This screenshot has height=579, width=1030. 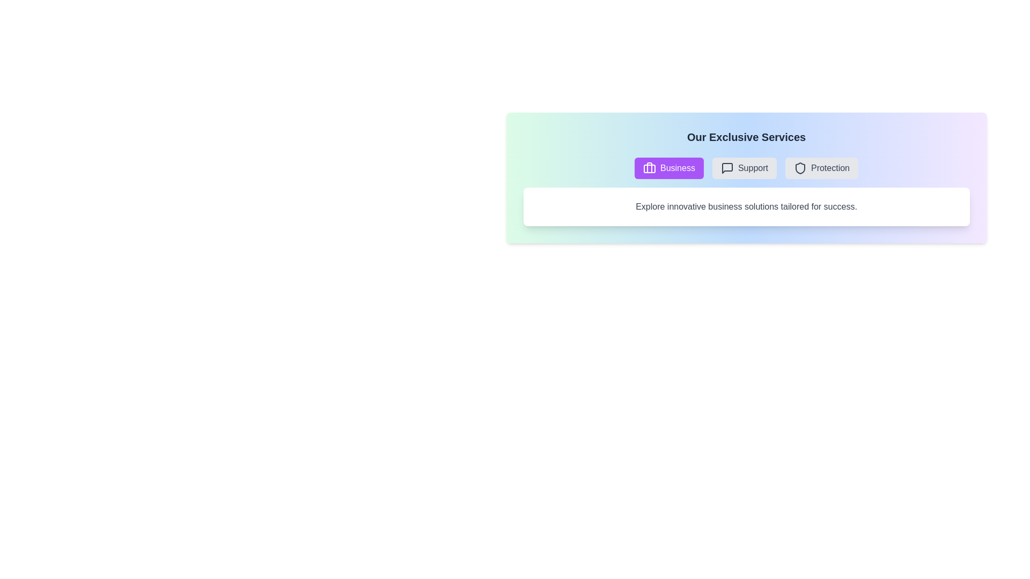 What do you see at coordinates (668, 168) in the screenshot?
I see `the Business tab by clicking its button` at bounding box center [668, 168].